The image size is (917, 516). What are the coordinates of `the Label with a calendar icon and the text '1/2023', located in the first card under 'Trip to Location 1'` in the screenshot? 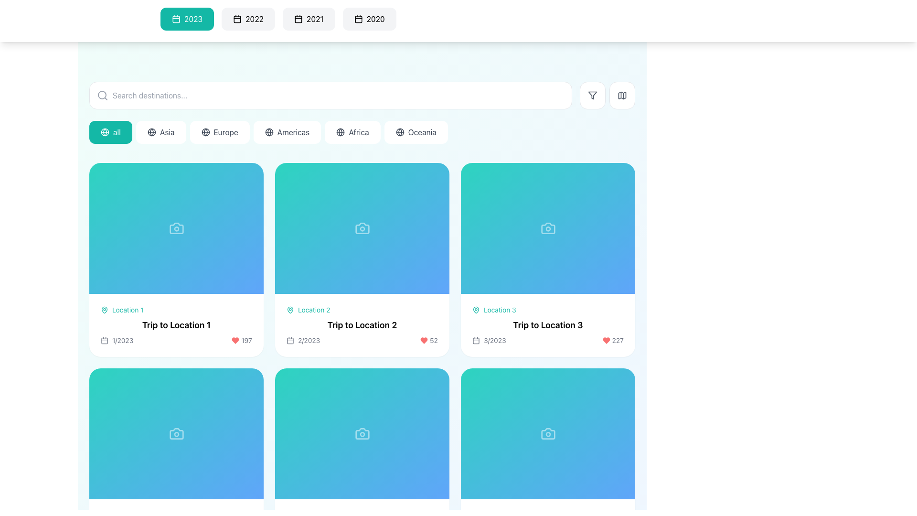 It's located at (117, 340).